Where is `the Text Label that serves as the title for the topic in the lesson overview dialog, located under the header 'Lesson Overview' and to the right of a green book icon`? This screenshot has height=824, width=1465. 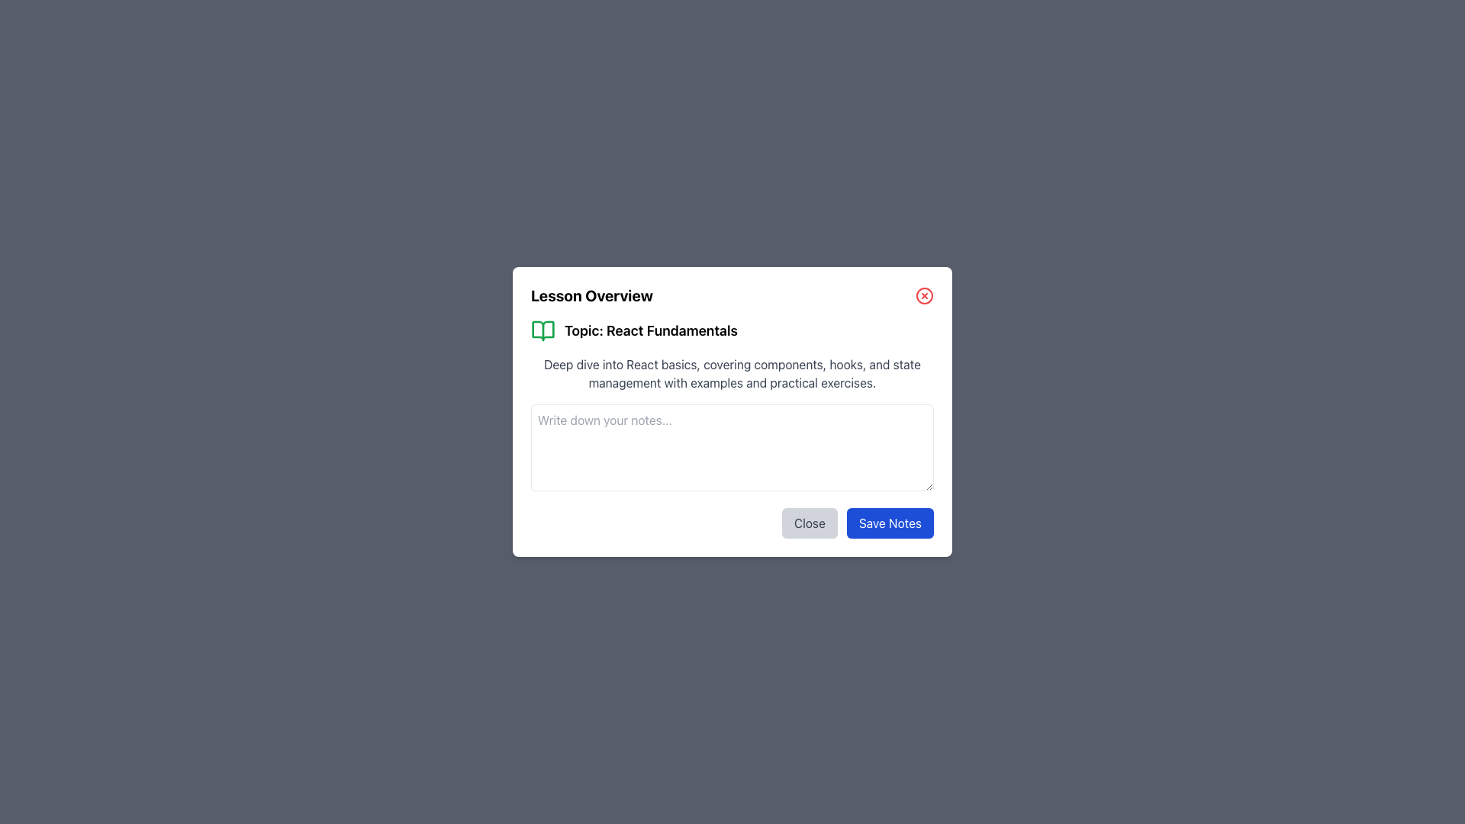
the Text Label that serves as the title for the topic in the lesson overview dialog, located under the header 'Lesson Overview' and to the right of a green book icon is located at coordinates (651, 330).